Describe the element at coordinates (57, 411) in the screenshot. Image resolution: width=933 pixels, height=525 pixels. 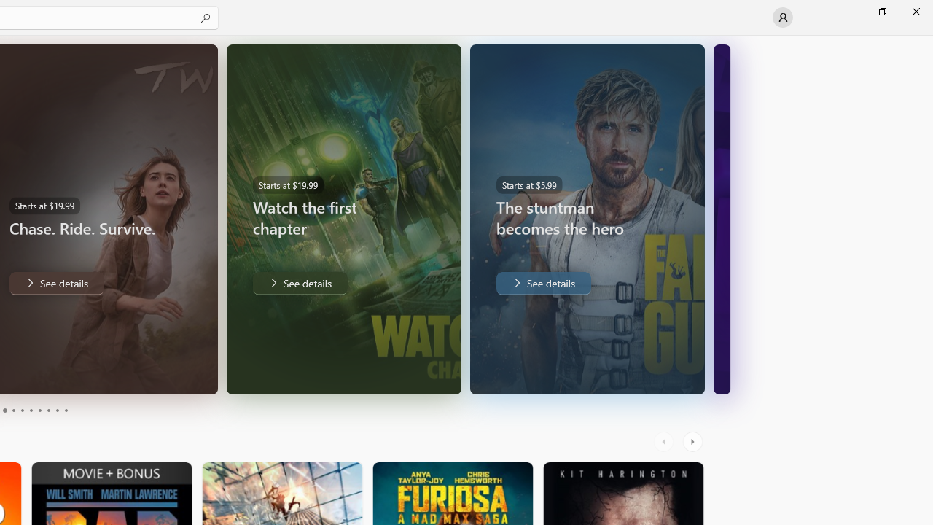
I see `'Page 9'` at that location.